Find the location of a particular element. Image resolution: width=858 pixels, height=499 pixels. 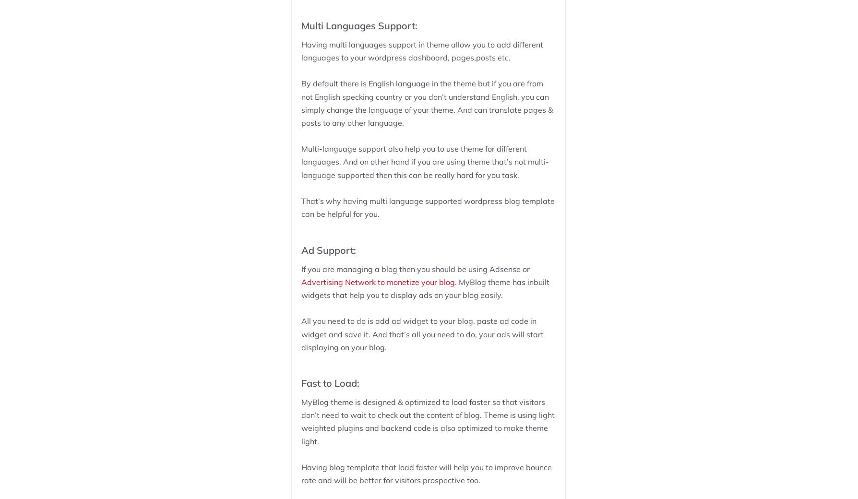

'Multi-language support also help you to use theme for different languages. And on other hand if you are using theme that’s not multi-language supported then this can be really hard for you task.' is located at coordinates (301, 161).